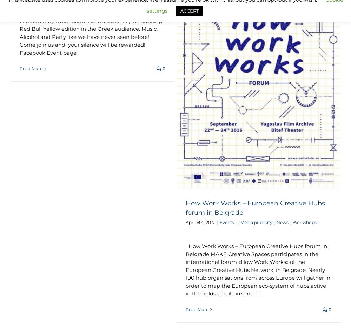  What do you see at coordinates (217, 222) in the screenshot?
I see `'|'` at bounding box center [217, 222].